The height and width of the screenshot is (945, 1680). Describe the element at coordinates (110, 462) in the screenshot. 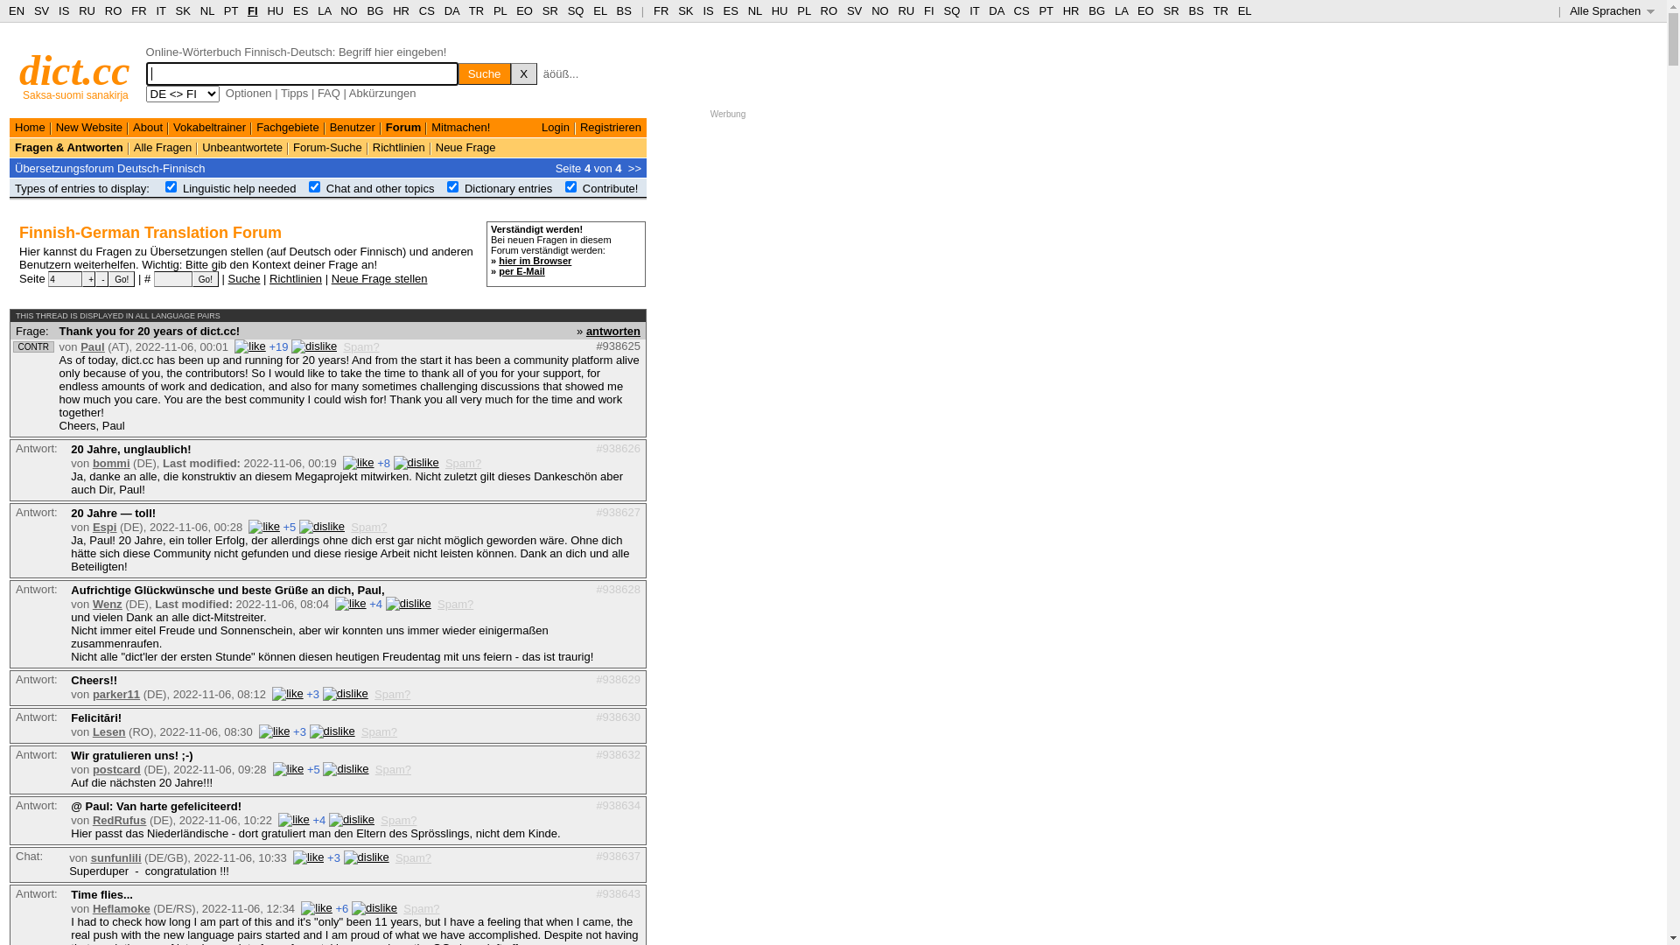

I see `'bommi'` at that location.